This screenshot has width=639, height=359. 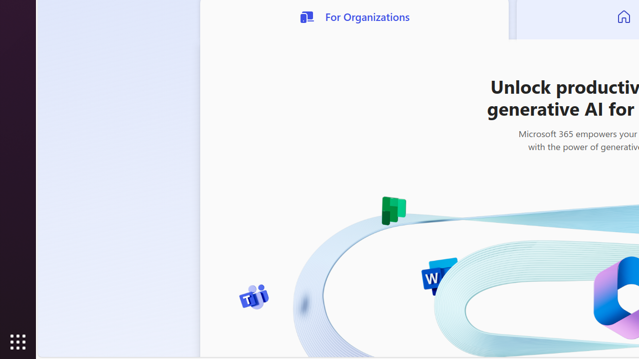 I want to click on 'Show Applications', so click(x=17, y=342).